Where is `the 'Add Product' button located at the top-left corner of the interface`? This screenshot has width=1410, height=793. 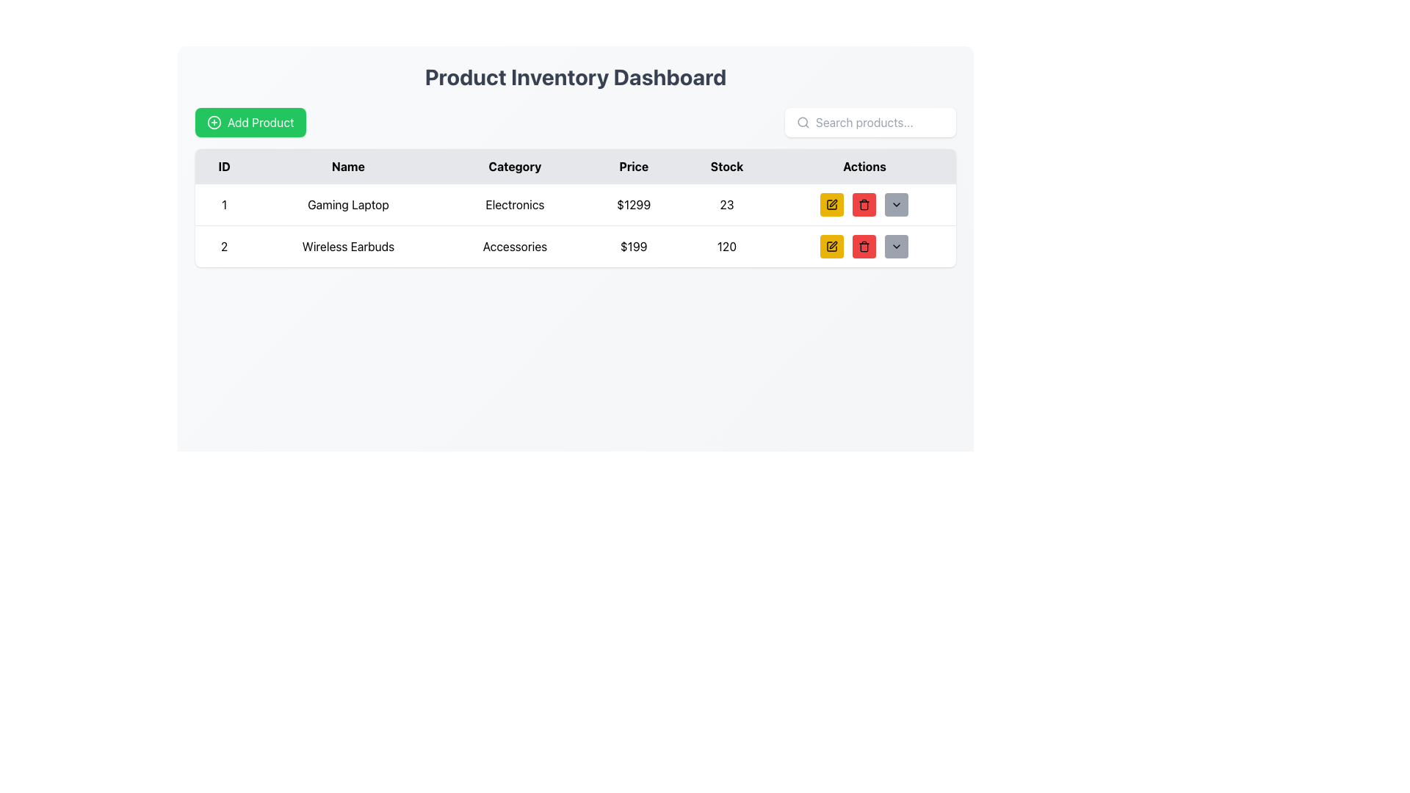
the 'Add Product' button located at the top-left corner of the interface is located at coordinates (250, 121).